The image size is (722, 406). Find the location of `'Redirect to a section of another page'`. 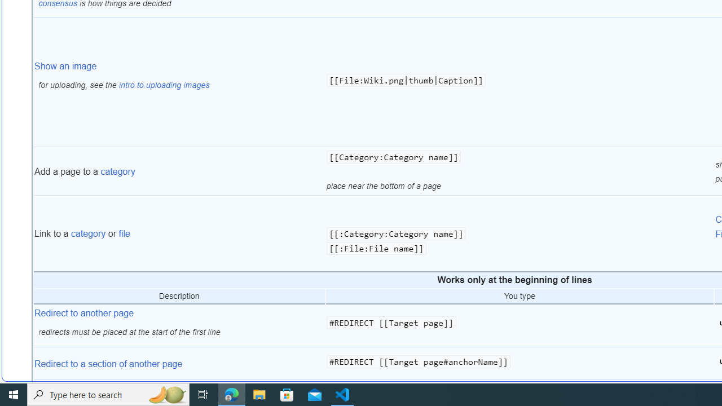

'Redirect to a section of another page' is located at coordinates (108, 363).